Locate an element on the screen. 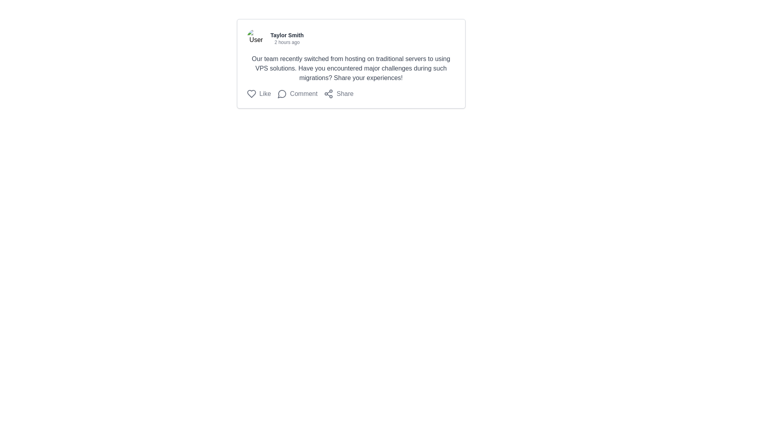 The height and width of the screenshot is (428, 762). the share icon, which resembles a triangular layout formed by three dots connected by two lines, located to the left of the 'Share' text label is located at coordinates (329, 93).